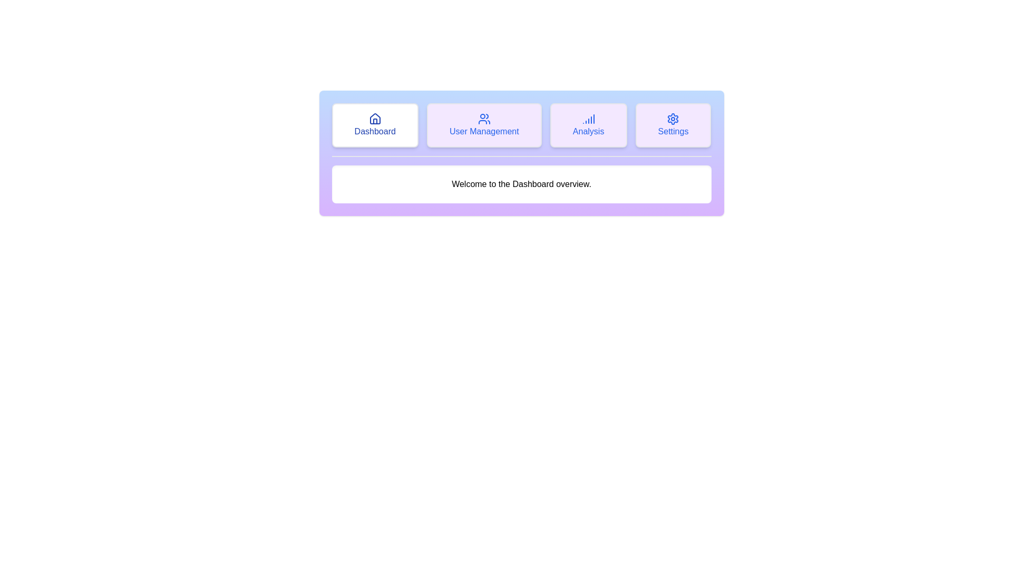 This screenshot has height=569, width=1012. What do you see at coordinates (673, 119) in the screenshot?
I see `the 'Settings' icon located in the top-right corner of the card bar, which represents the configuration options` at bounding box center [673, 119].